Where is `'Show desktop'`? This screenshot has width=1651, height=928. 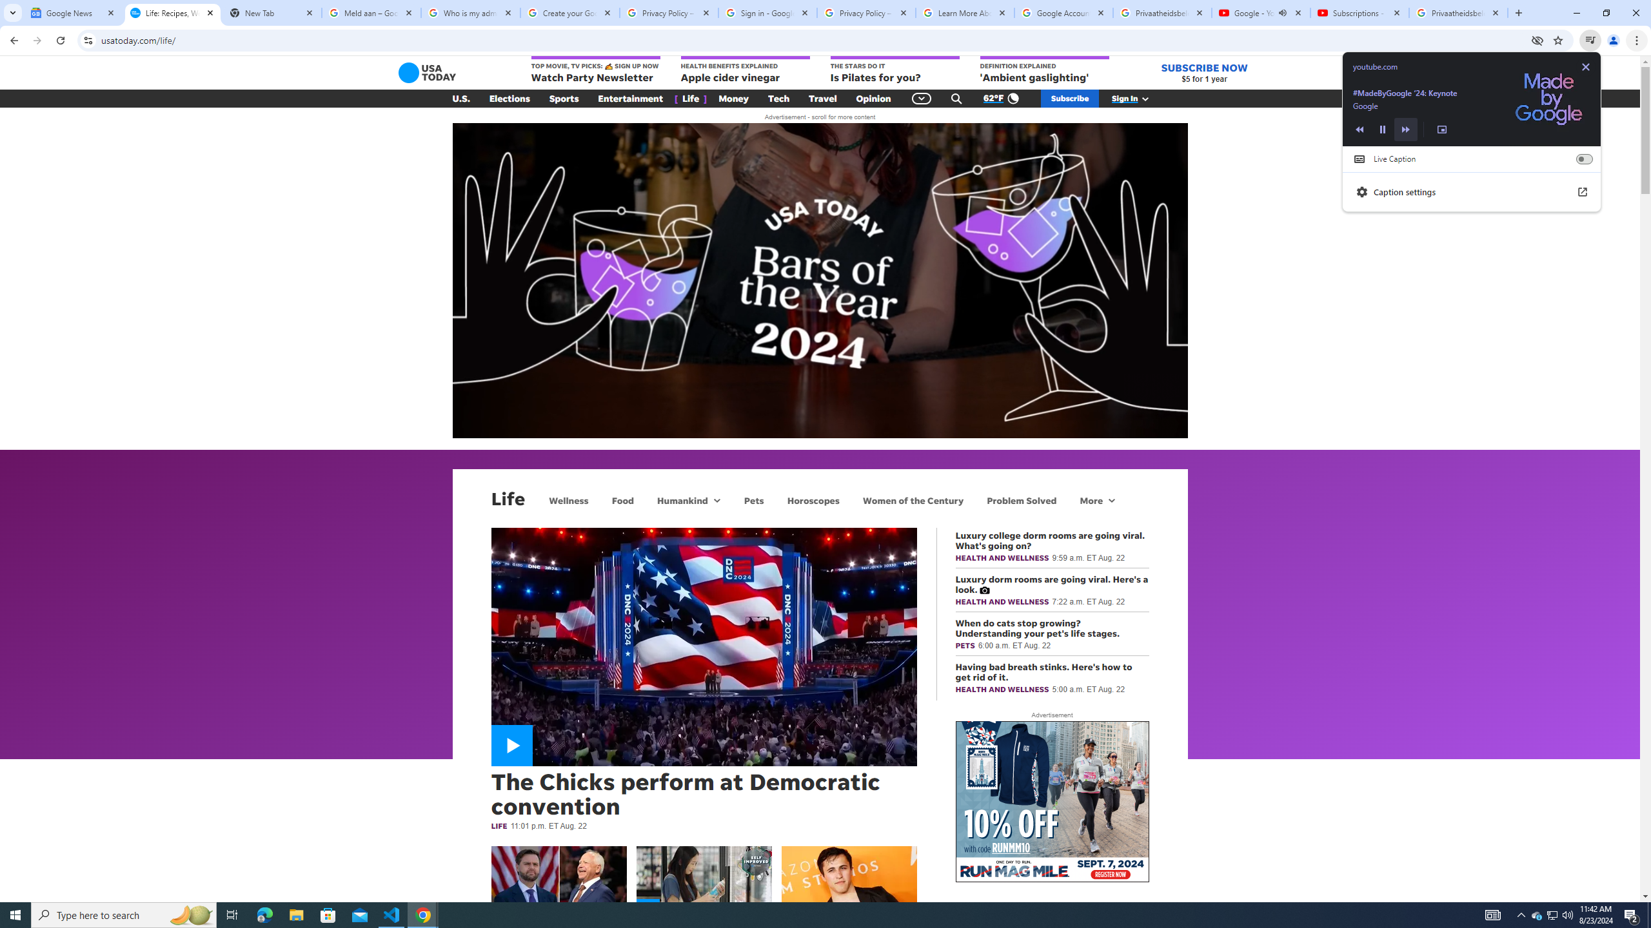
'Show desktop' is located at coordinates (1648, 914).